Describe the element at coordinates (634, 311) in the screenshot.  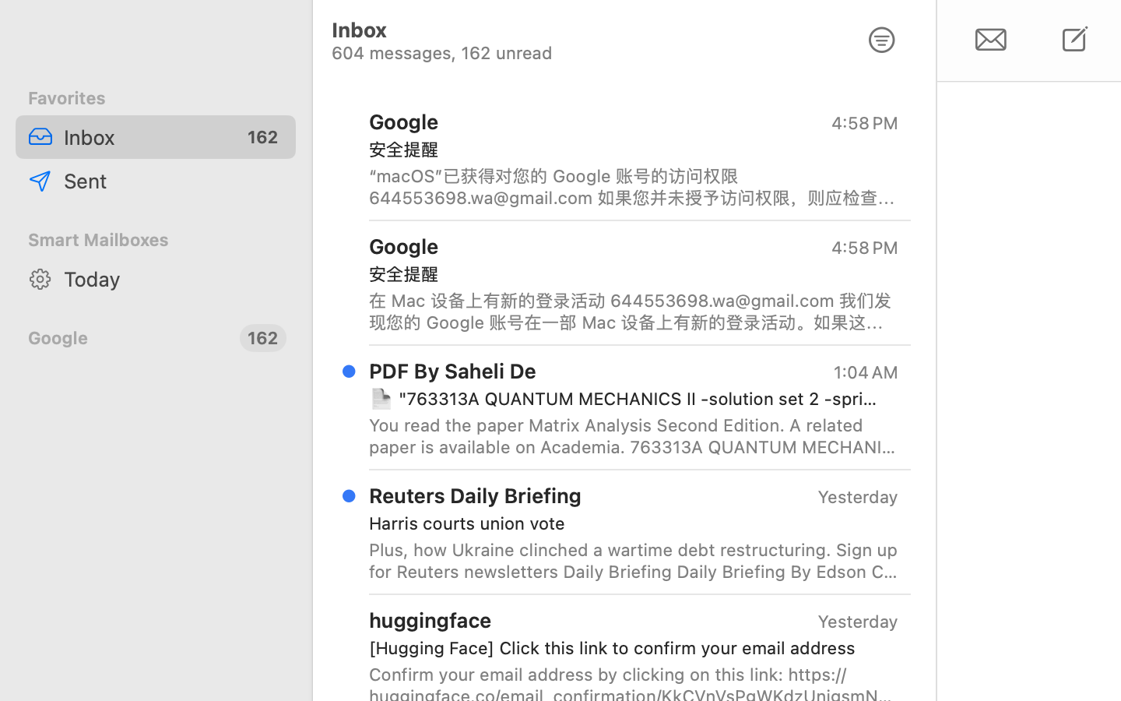
I see `'在 Mac 设备上有新的登录活动 644553698.wa@gmail.com 我们发现您的 Google 账号在一部 Mac 设备上有新的登录活动。如果这是您本人的操作，那么您无需采取任何行动。如果这不是您本人的操作，我们会帮助您保护您的账号。 查看活动 您也可以访问以下网址查看安全性活动： https://myaccount.google.com/notifications 我们向您发送这封电子邮件，目的是让您了解关于您的 Google 账号和服务的重大变化。 © 2024 Google LLC, 1600 Amphitheatre Parkway, Mountain View, CA 94043, USA'` at that location.